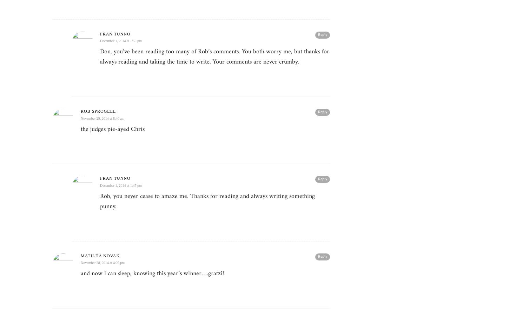 The height and width of the screenshot is (324, 509). Describe the element at coordinates (120, 41) in the screenshot. I see `'December 1, 2014 at 1:50 pm'` at that location.